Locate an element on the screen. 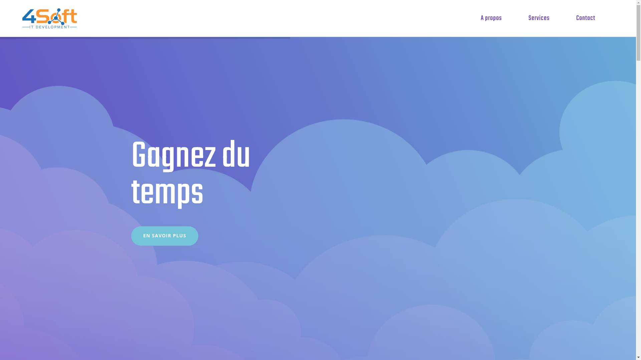  'A propos' is located at coordinates (491, 18).